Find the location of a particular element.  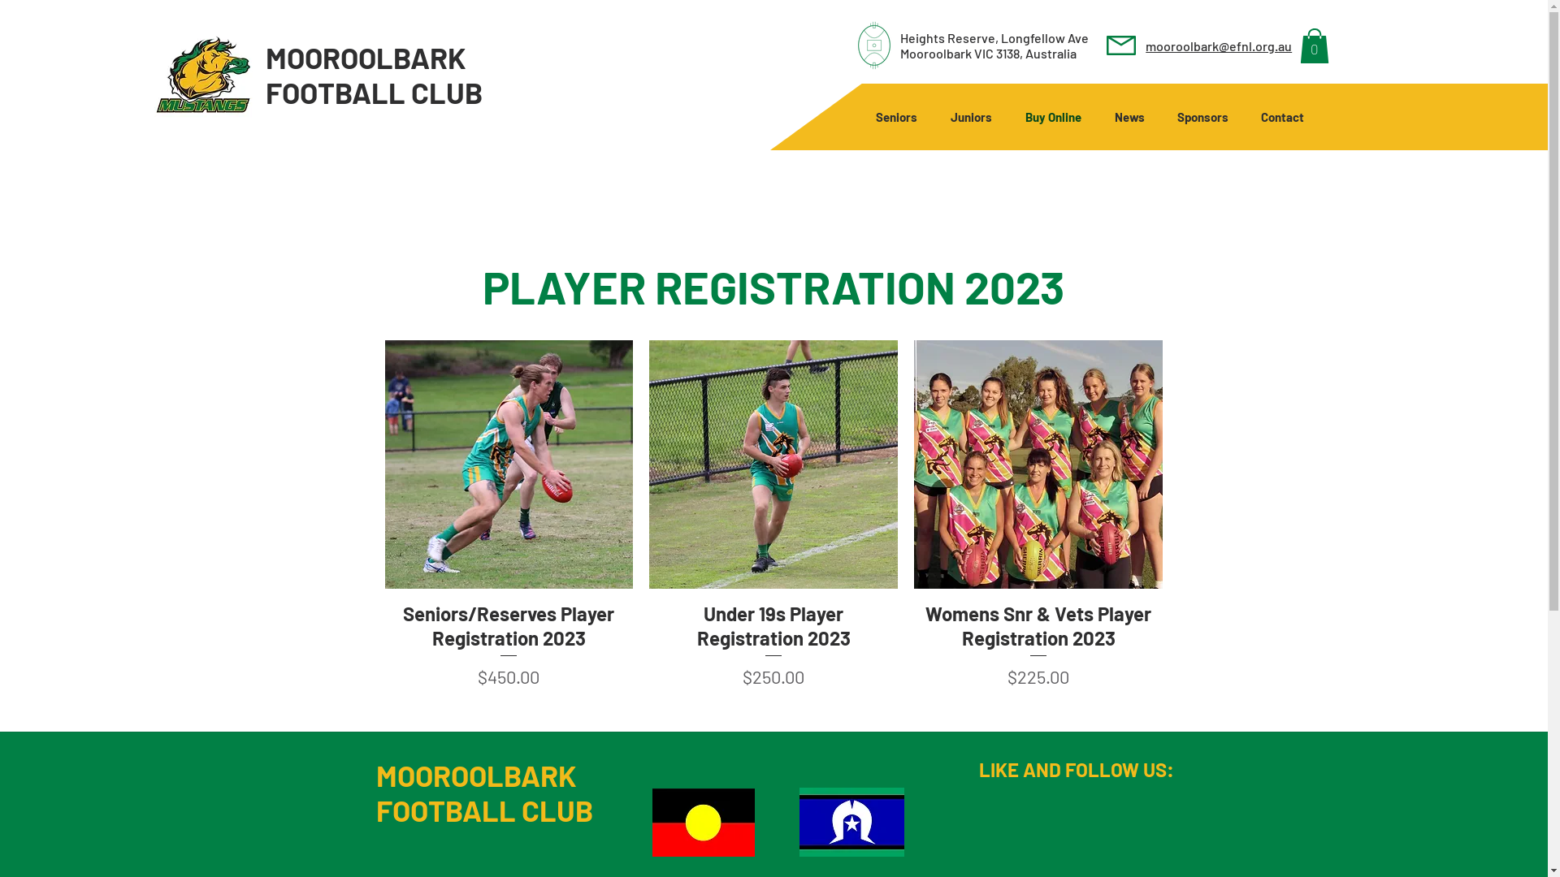

'Sponsors' is located at coordinates (1160, 115).